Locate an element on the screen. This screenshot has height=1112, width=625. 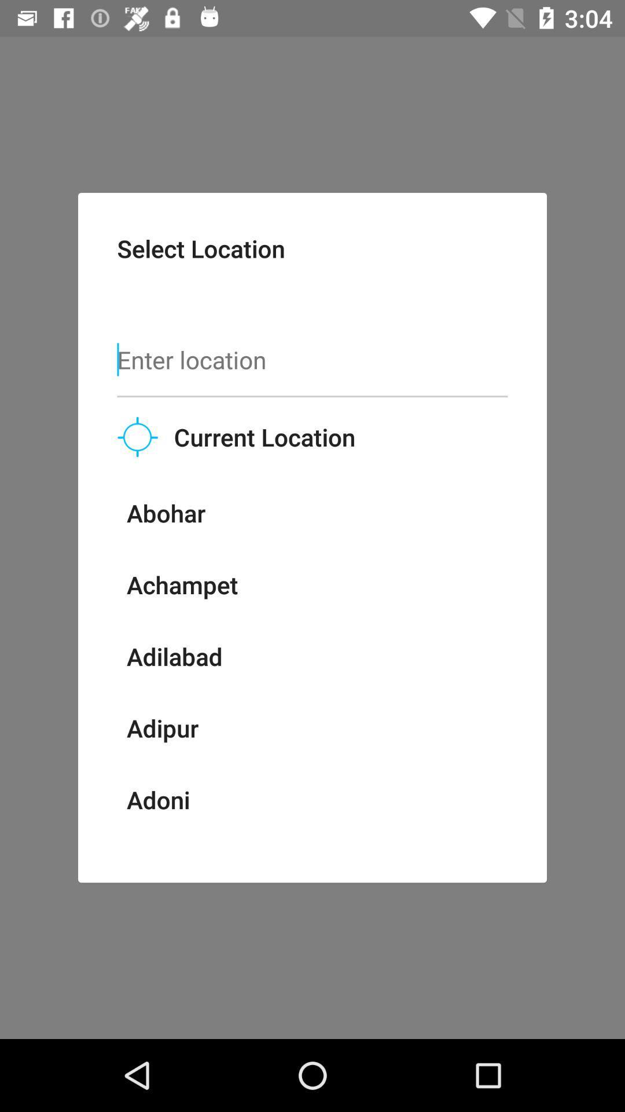
the agra icon is located at coordinates (152, 849).